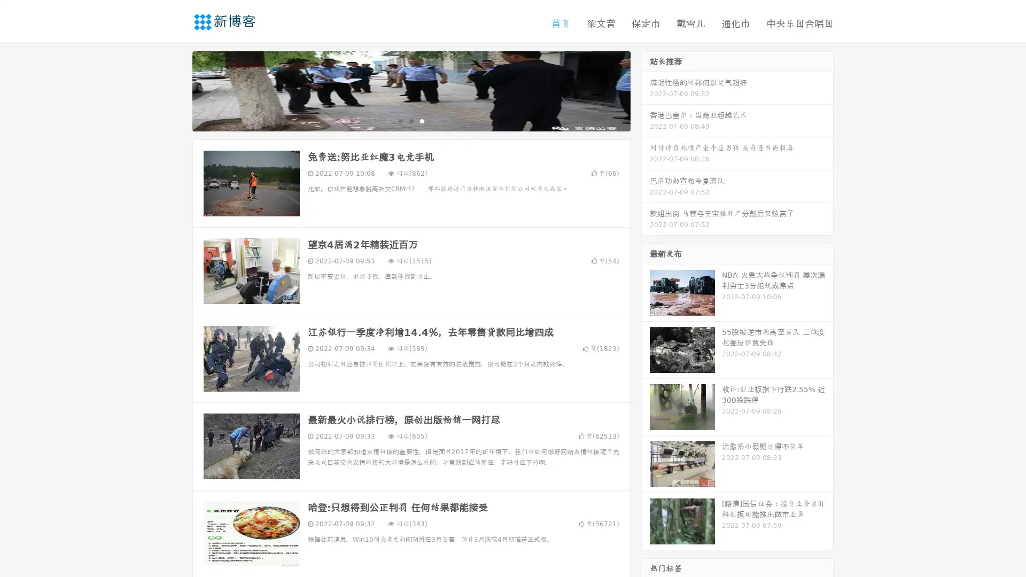 The width and height of the screenshot is (1026, 577). Describe the element at coordinates (410, 120) in the screenshot. I see `Go to slide 2` at that location.